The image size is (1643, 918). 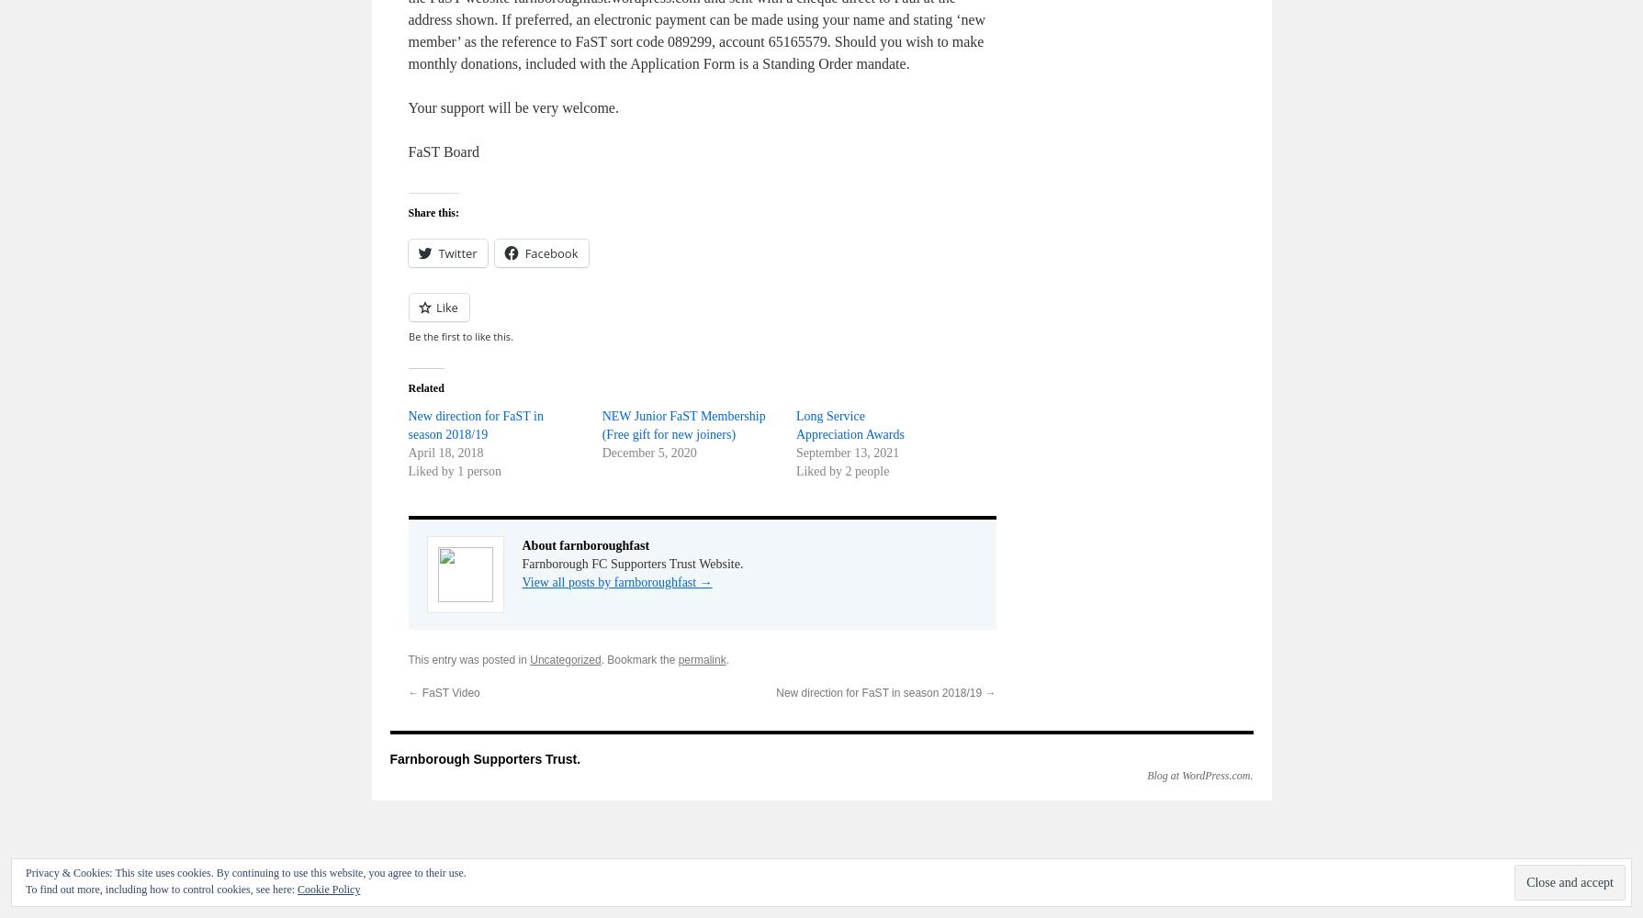 I want to click on 'Farnborough Supporters Trust.', so click(x=483, y=758).